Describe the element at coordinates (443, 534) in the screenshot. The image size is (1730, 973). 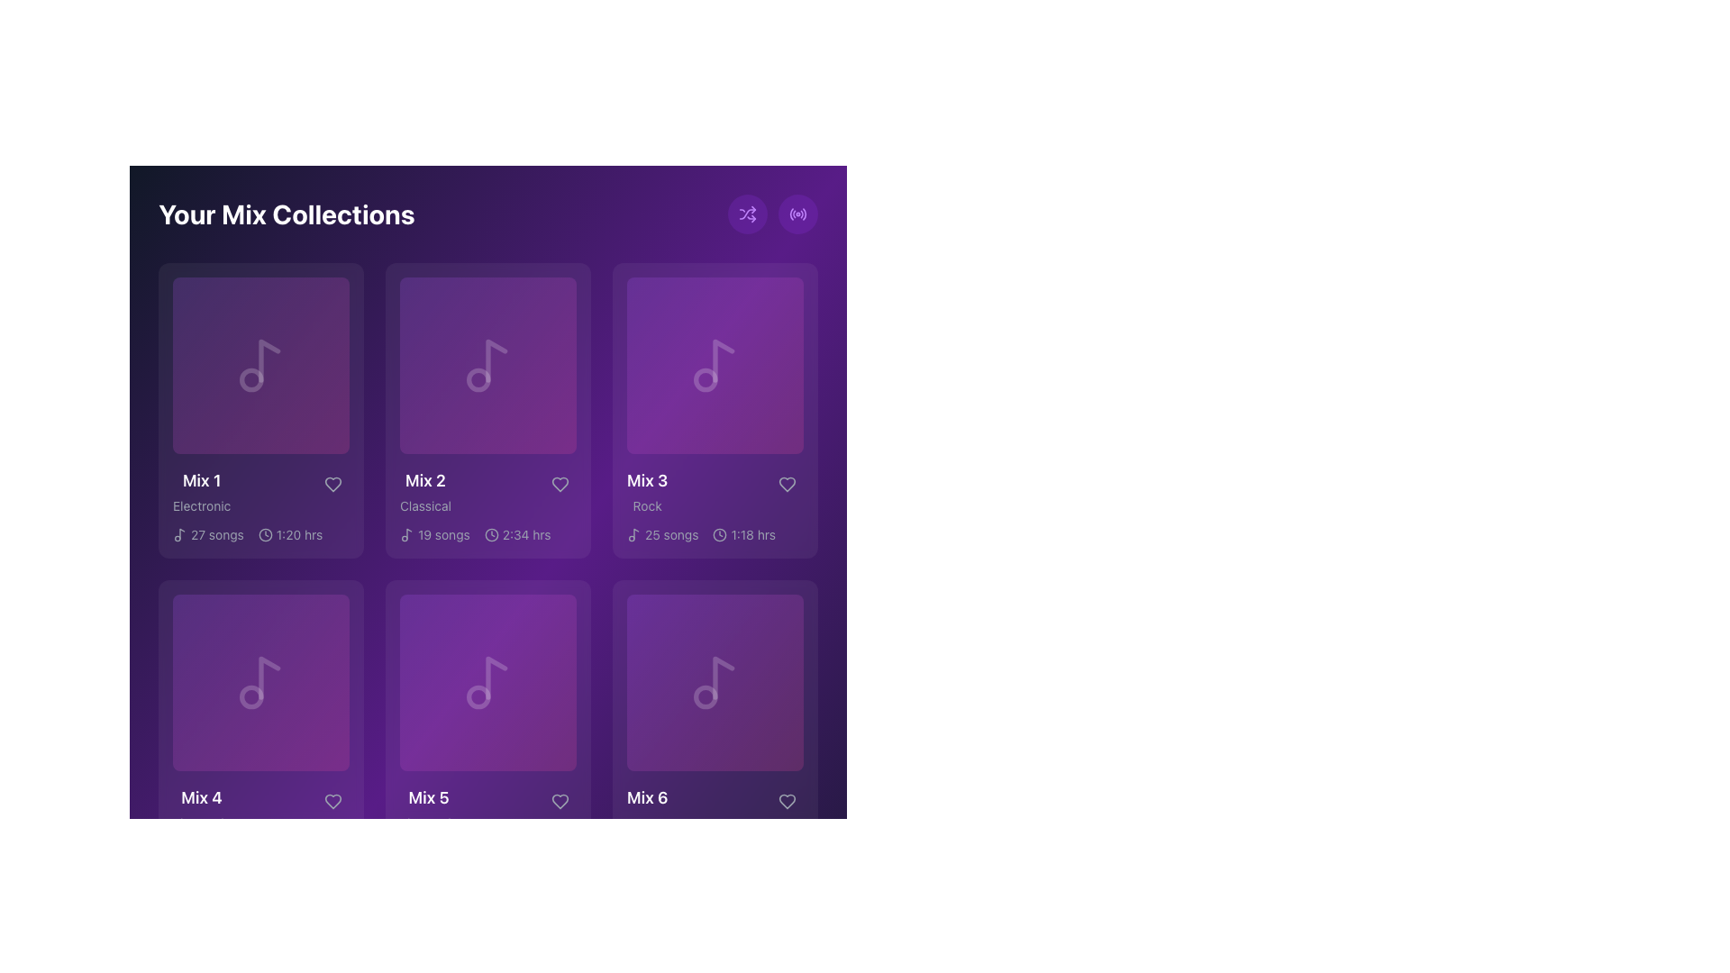
I see `text label displaying '19 songs' located in the lower part of the second card in the music collection grid, adjacent to a music note icon` at that location.